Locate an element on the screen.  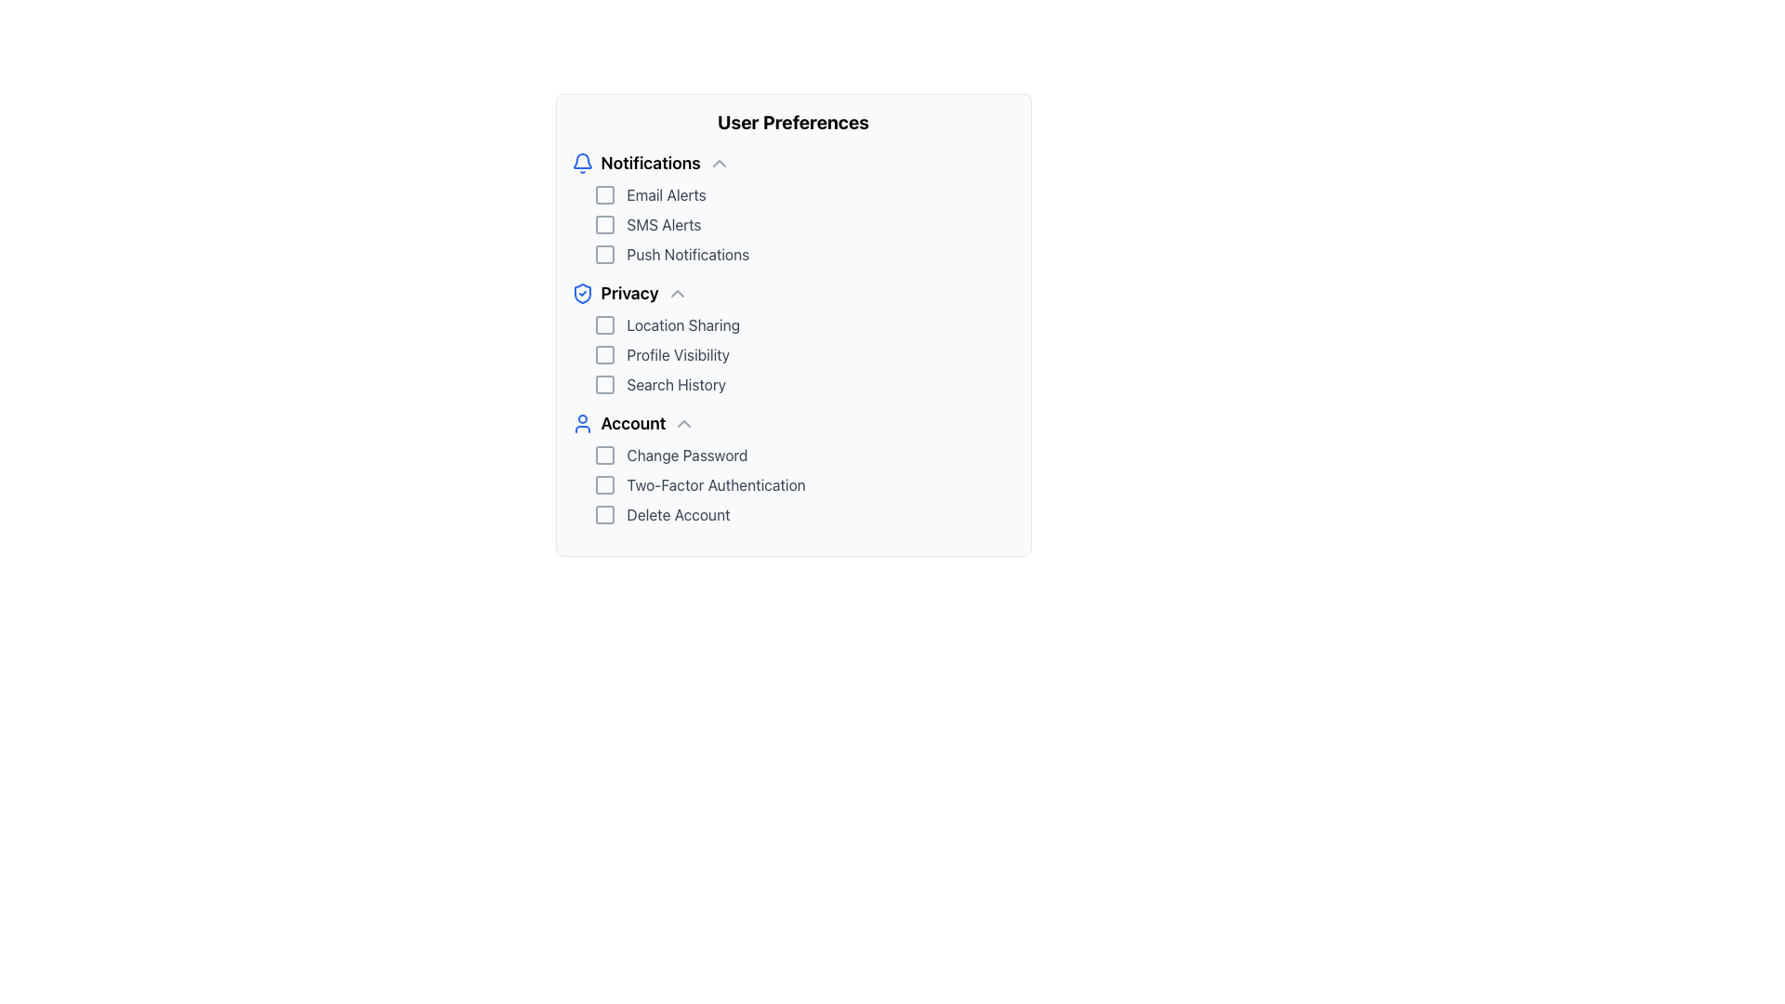
the bold text label 'Account' which is centrally positioned in the user preference list, serving as a section header above account settings options is located at coordinates (633, 423).